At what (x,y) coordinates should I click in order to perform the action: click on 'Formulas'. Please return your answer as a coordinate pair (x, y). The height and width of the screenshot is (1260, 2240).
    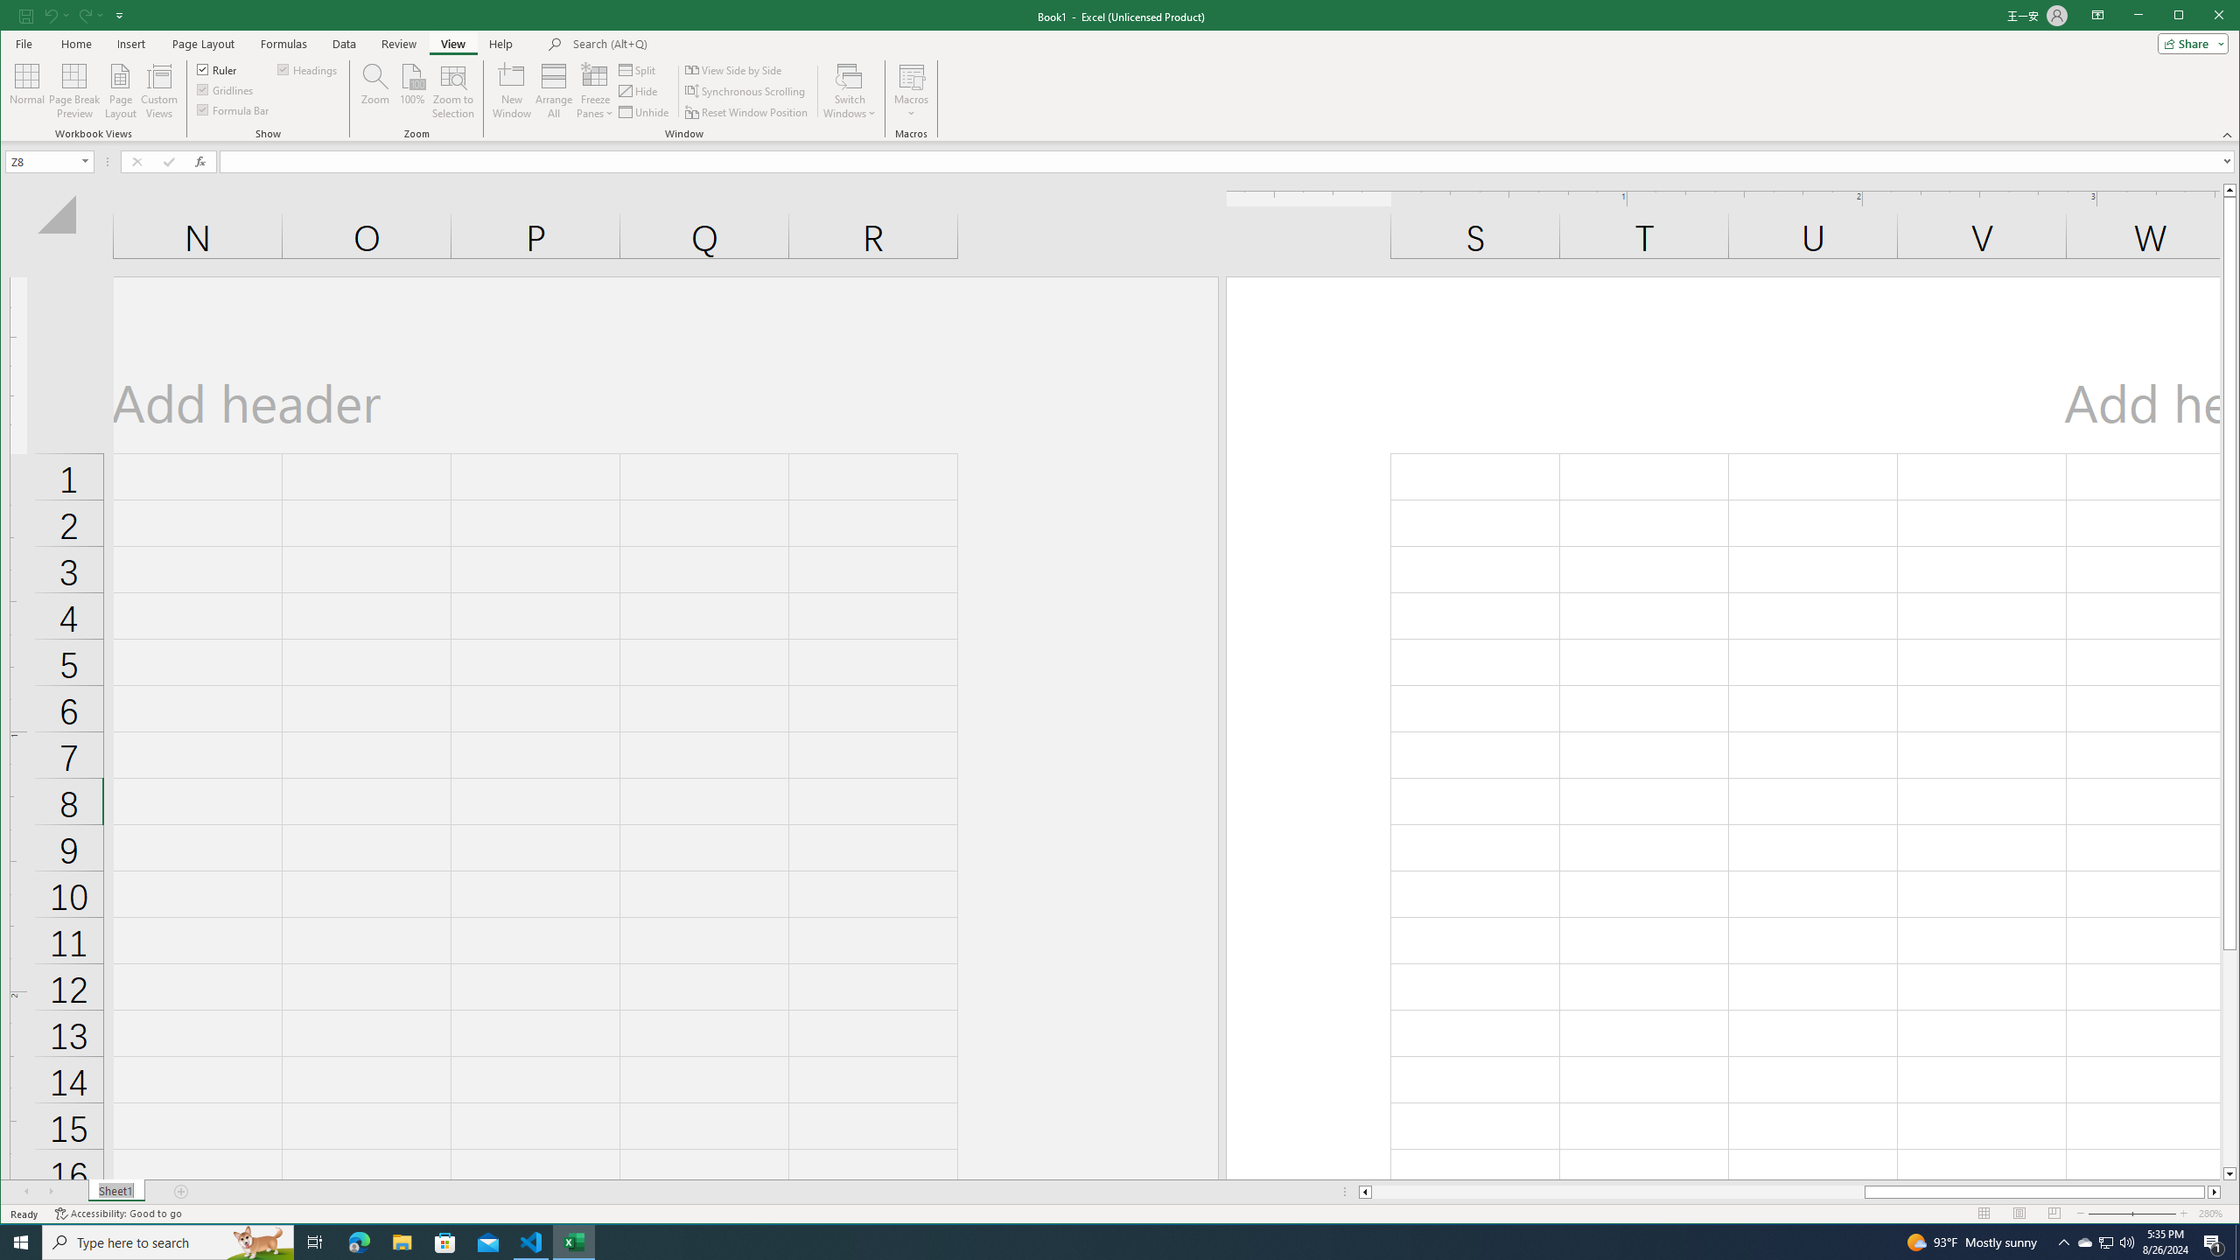
    Looking at the image, I should click on (284, 43).